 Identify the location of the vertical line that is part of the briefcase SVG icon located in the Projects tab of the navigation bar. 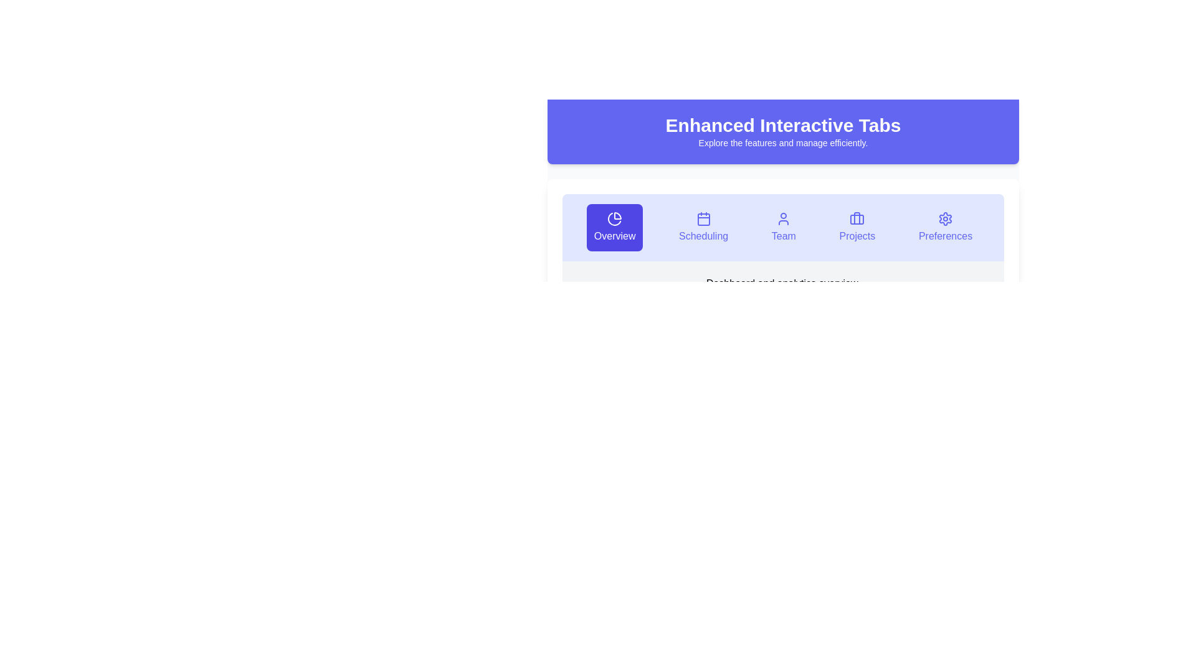
(857, 218).